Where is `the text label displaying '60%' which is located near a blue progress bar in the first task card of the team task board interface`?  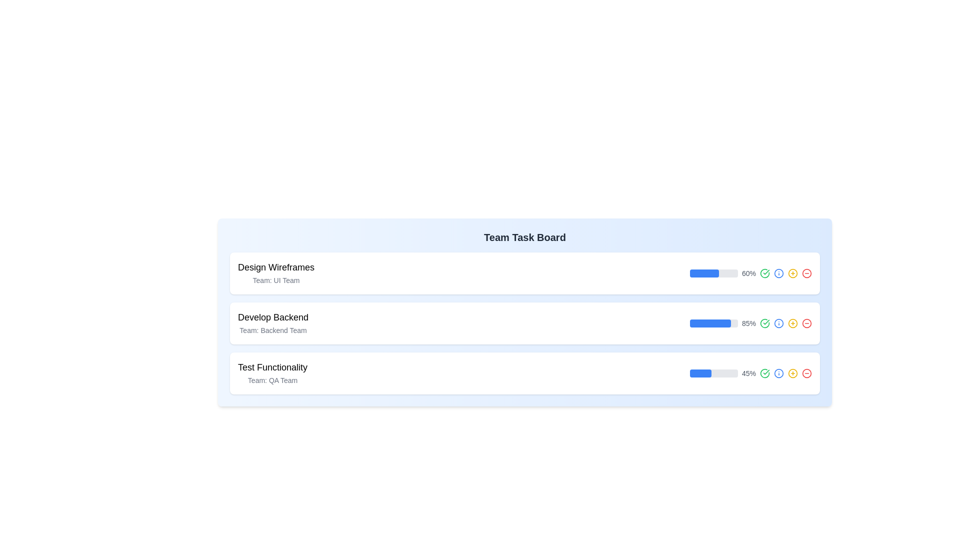
the text label displaying '60%' which is located near a blue progress bar in the first task card of the team task board interface is located at coordinates (748, 273).